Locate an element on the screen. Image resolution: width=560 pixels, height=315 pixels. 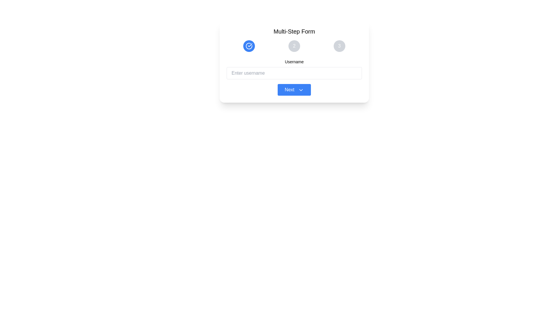
the third circular button, which serves as a step indicator for navigating to step 3 in the multi-step form is located at coordinates (339, 46).